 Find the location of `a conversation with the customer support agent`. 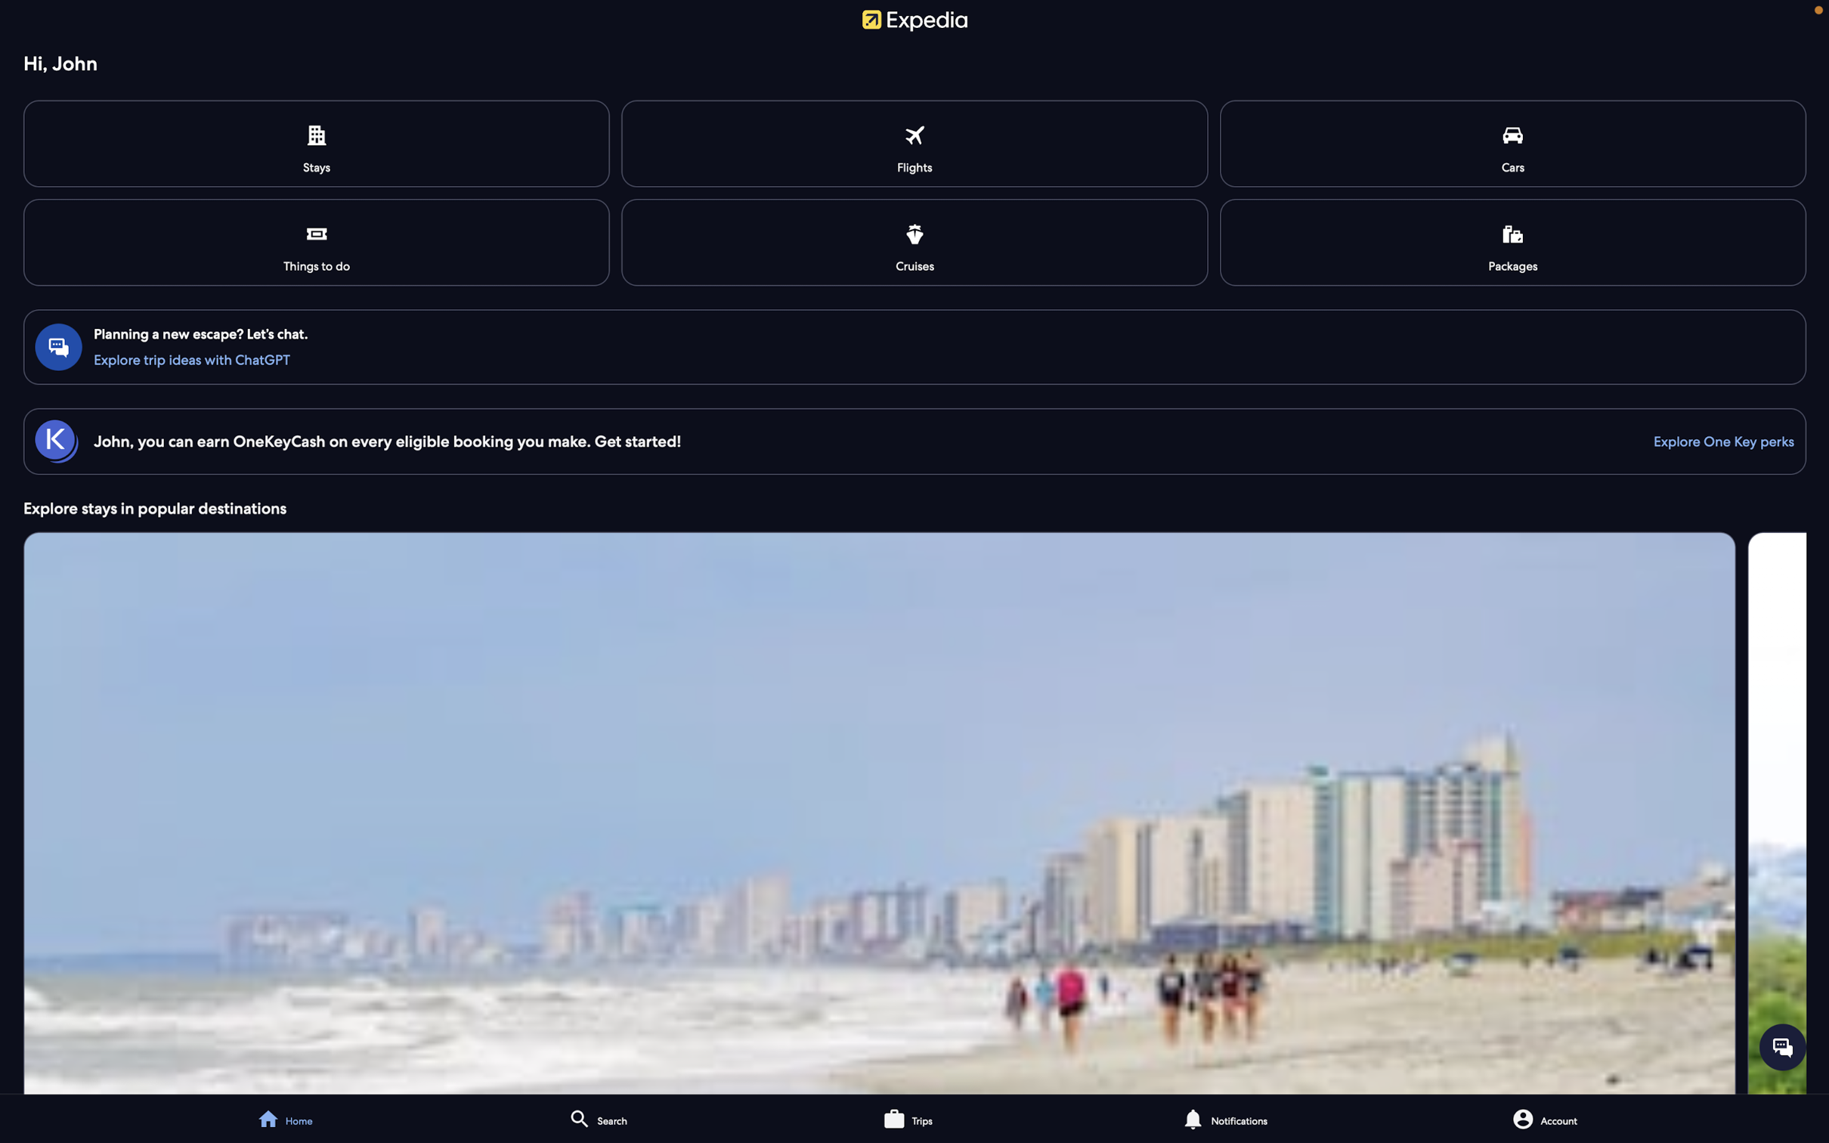

a conversation with the customer support agent is located at coordinates (1782, 1045).